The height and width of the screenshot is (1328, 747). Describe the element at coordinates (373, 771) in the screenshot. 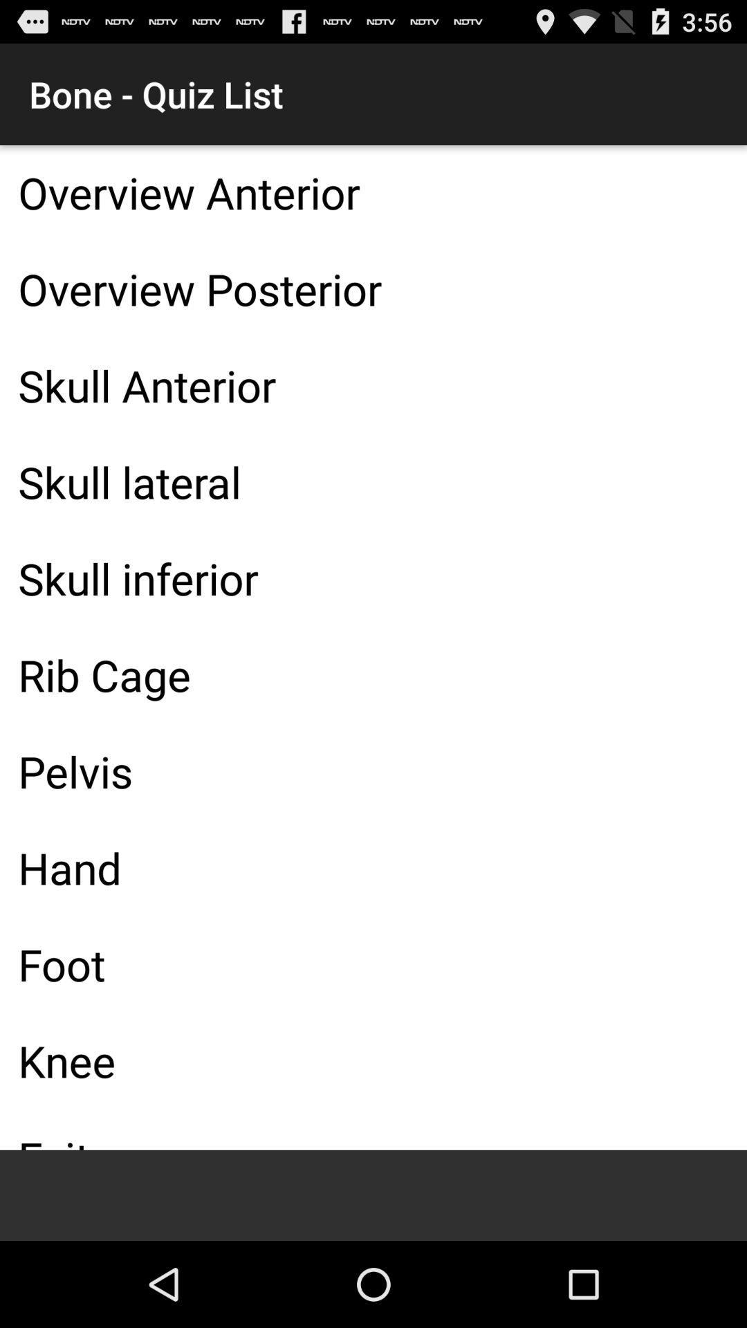

I see `icon above hand` at that location.